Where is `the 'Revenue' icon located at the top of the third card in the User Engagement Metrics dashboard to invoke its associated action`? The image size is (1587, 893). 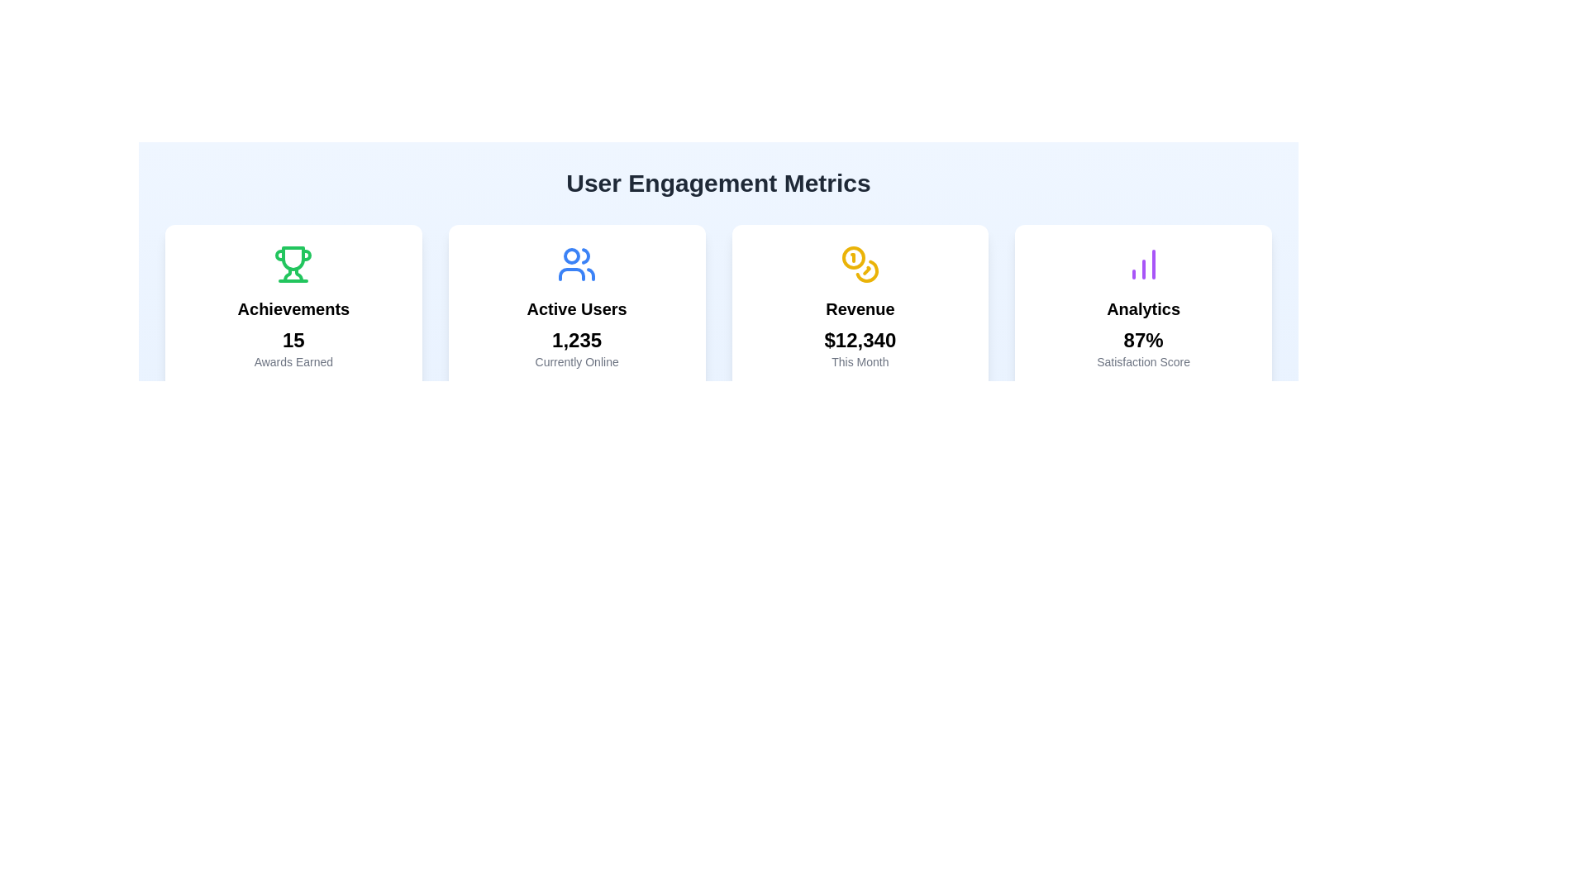
the 'Revenue' icon located at the top of the third card in the User Engagement Metrics dashboard to invoke its associated action is located at coordinates (860, 264).